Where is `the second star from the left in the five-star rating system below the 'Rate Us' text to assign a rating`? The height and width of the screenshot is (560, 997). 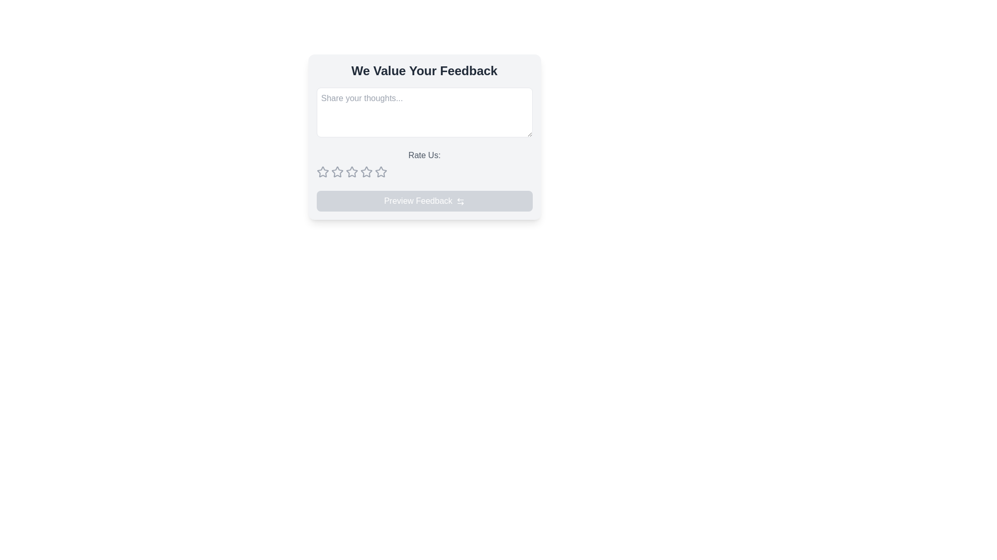
the second star from the left in the five-star rating system below the 'Rate Us' text to assign a rating is located at coordinates (337, 171).